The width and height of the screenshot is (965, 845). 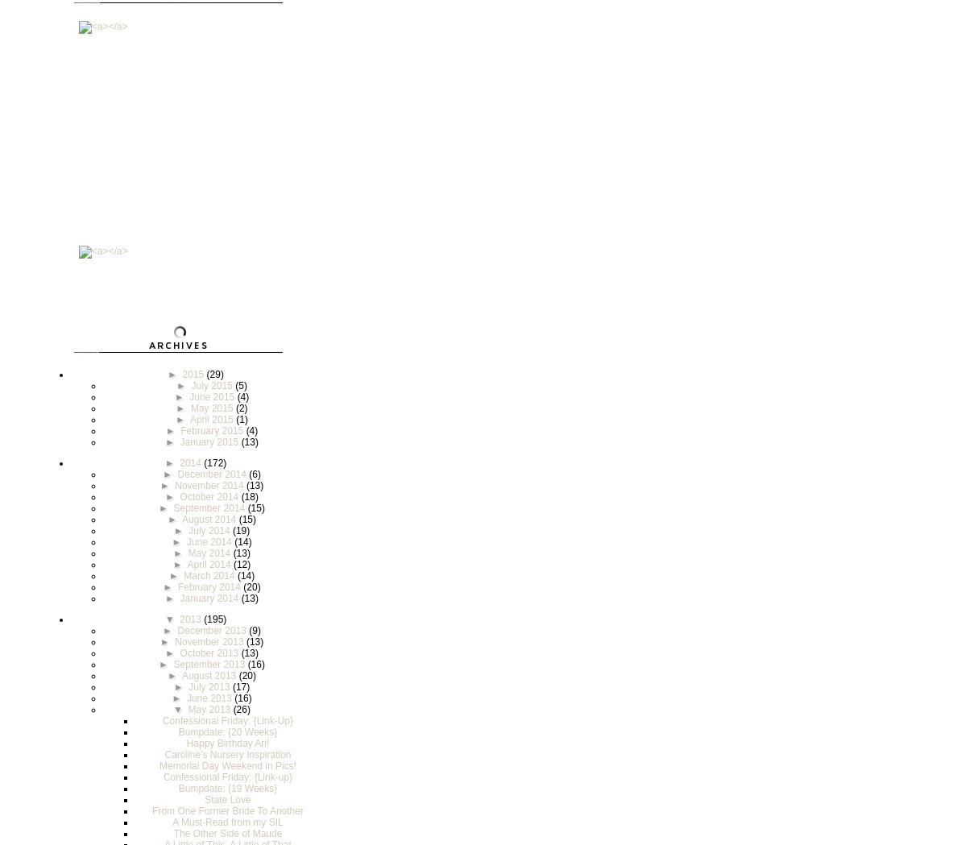 What do you see at coordinates (188, 529) in the screenshot?
I see `'July 2014'` at bounding box center [188, 529].